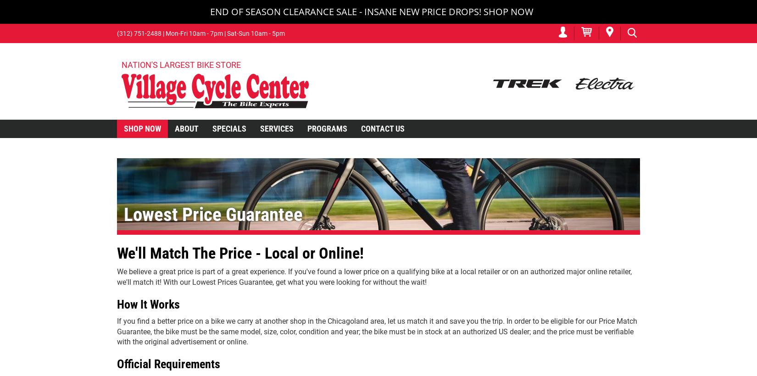 Image resolution: width=757 pixels, height=376 pixels. Describe the element at coordinates (137, 289) in the screenshot. I see `'Kids' Bikes'` at that location.